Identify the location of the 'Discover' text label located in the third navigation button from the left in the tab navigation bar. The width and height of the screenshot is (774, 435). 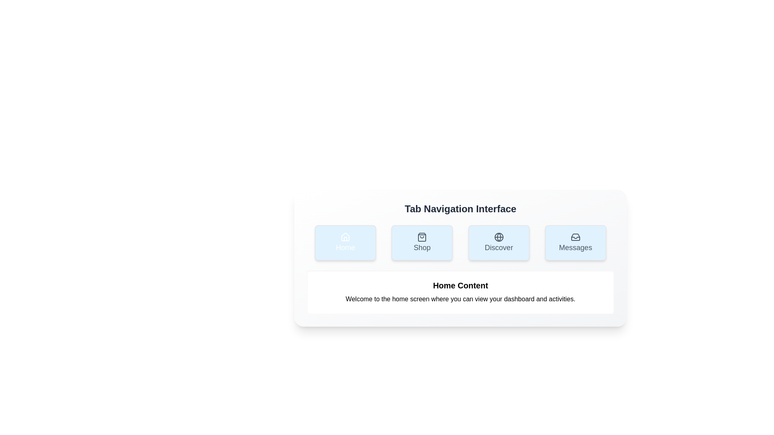
(498, 247).